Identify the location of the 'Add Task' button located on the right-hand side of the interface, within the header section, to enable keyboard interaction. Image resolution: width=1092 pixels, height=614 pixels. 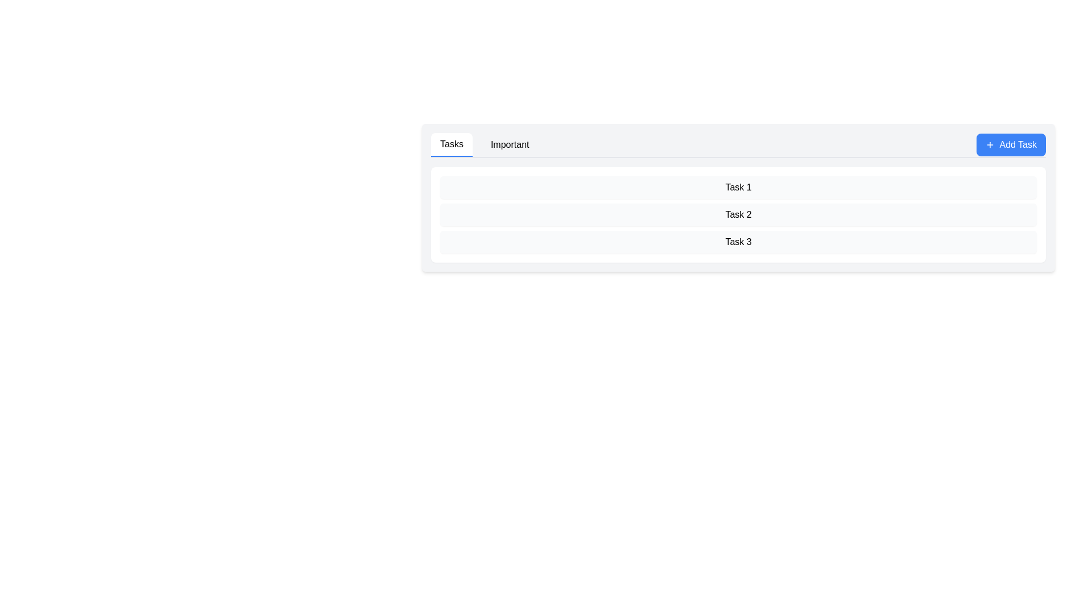
(1011, 144).